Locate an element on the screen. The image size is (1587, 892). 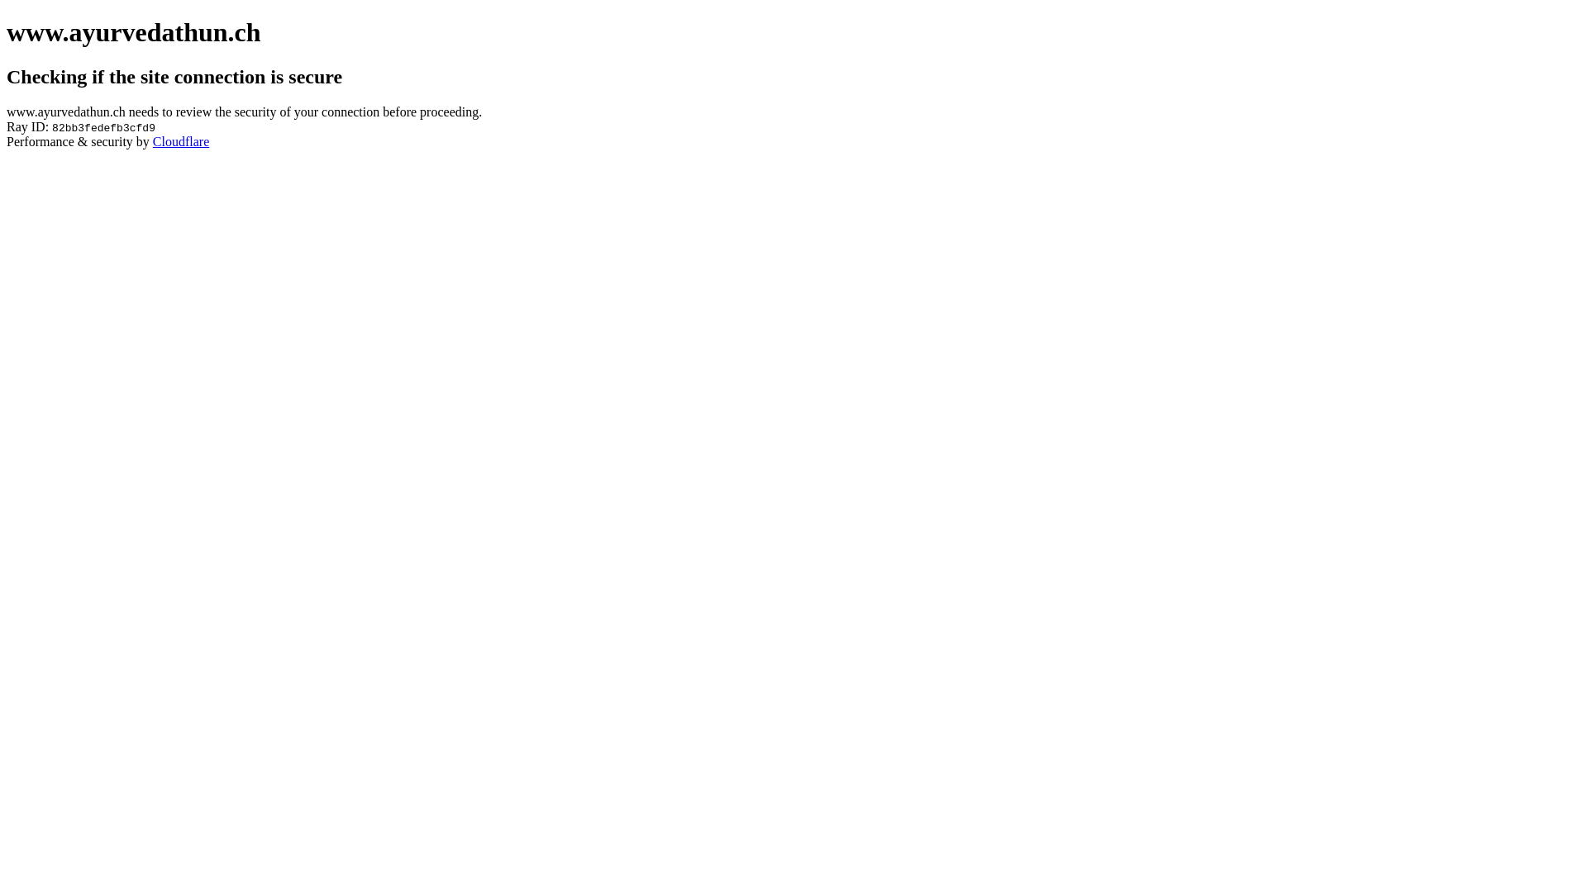
'Cloudflare' is located at coordinates (181, 140).